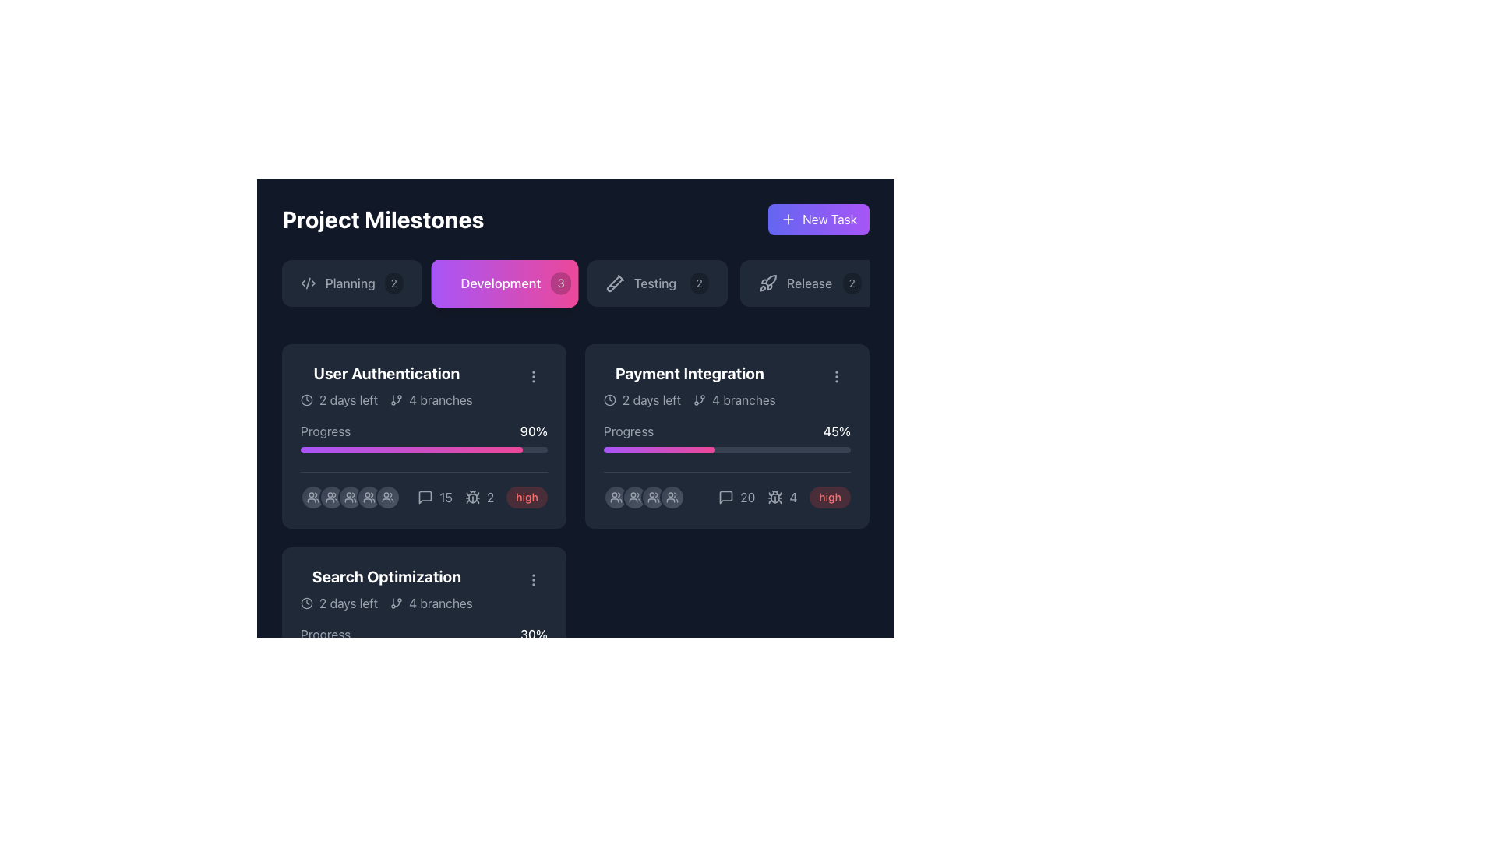  Describe the element at coordinates (350, 498) in the screenshot. I see `the fourth circular avatar from the left in the horizontally aligned group at the bottom of the 'User Authentication' card` at that location.